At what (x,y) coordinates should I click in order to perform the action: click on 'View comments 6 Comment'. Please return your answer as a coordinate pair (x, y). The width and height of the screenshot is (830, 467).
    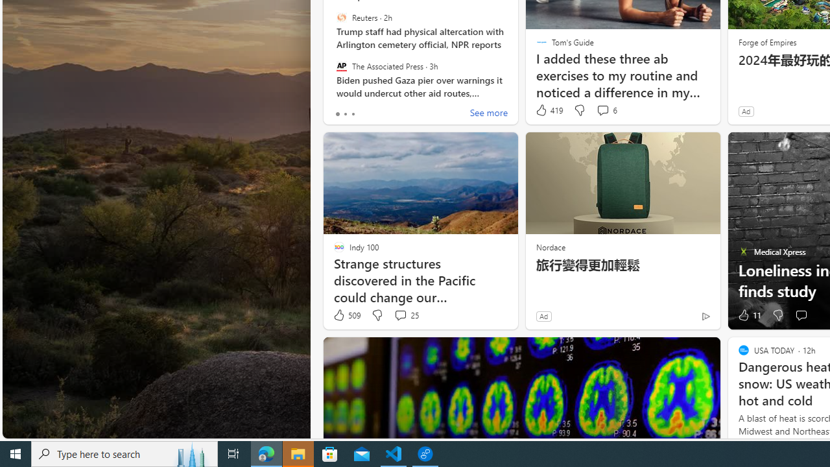
    Looking at the image, I should click on (606, 110).